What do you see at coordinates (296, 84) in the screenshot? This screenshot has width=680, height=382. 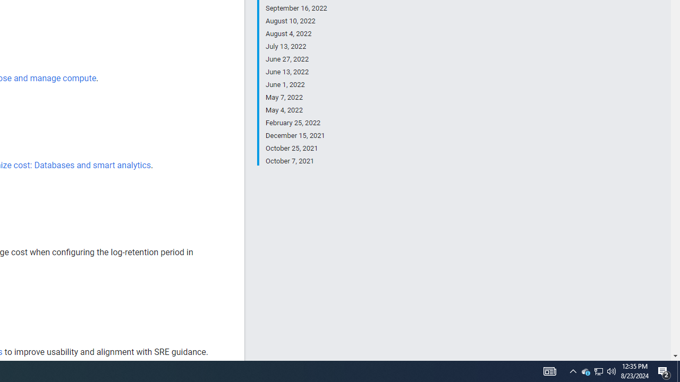 I see `'June 1, 2022'` at bounding box center [296, 84].